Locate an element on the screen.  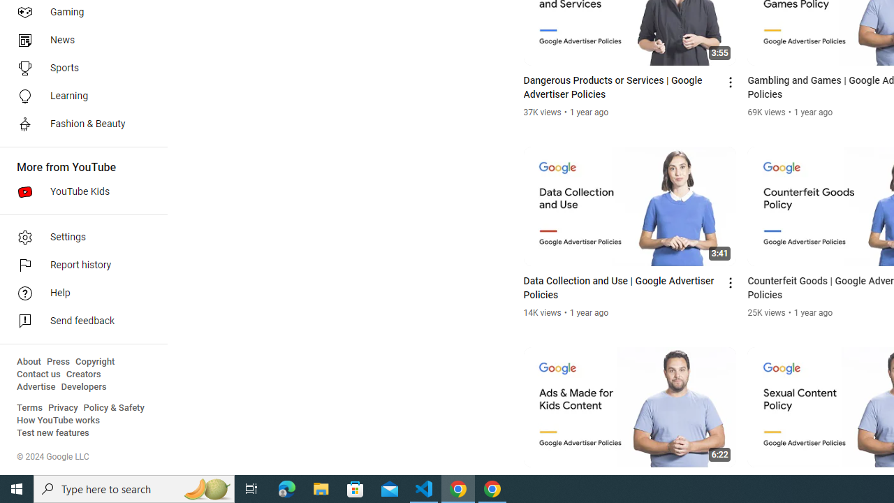
'Contact us' is located at coordinates (38, 374).